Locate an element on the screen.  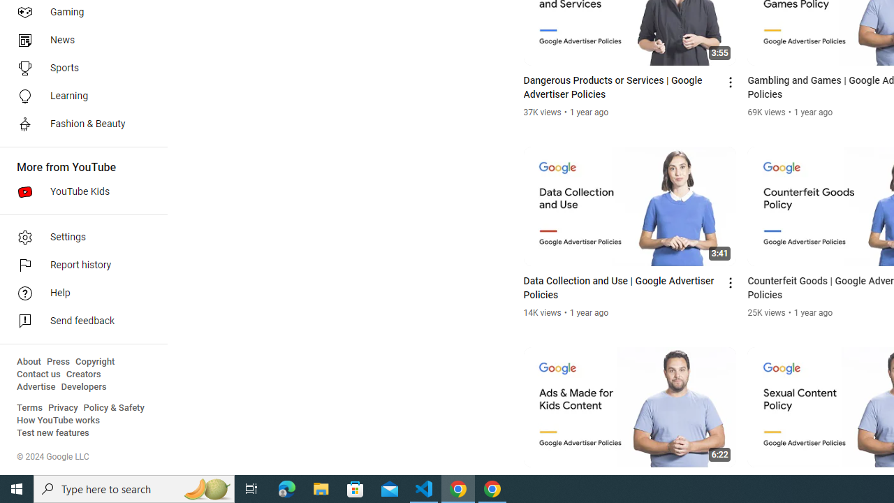
'Contact us' is located at coordinates (38, 374).